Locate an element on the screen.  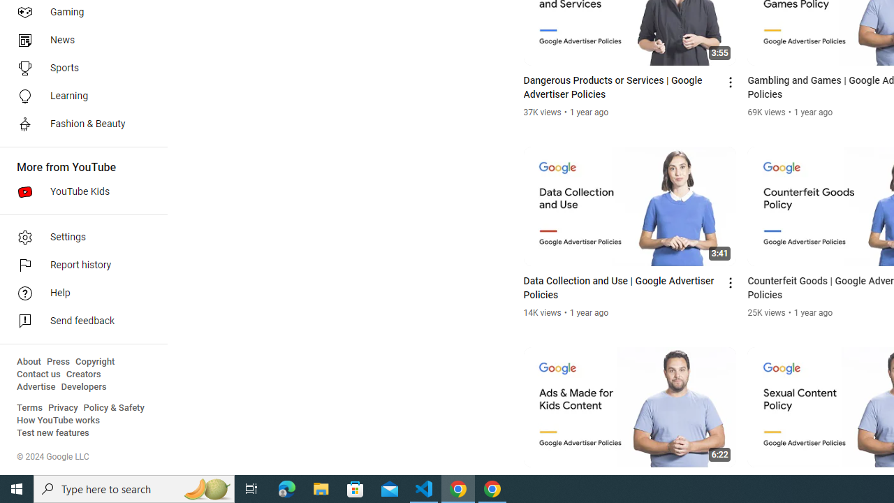
'Contact us' is located at coordinates (38, 374).